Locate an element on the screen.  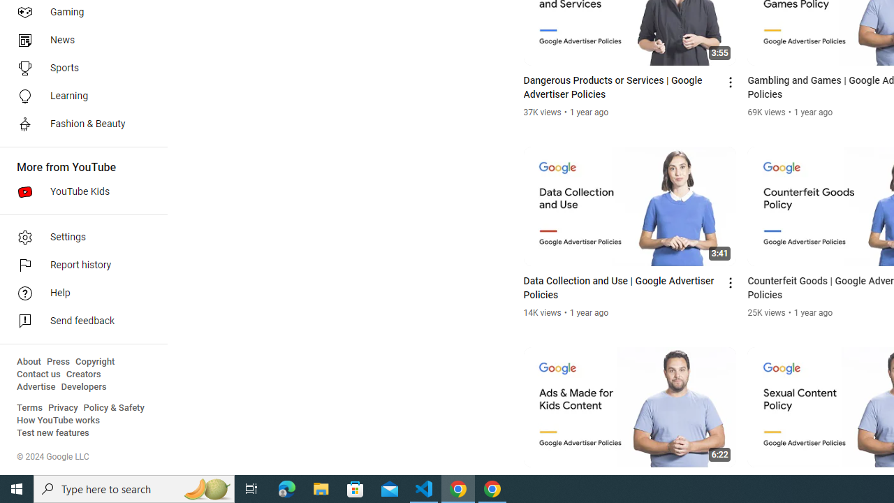
'Contact us' is located at coordinates (38, 374).